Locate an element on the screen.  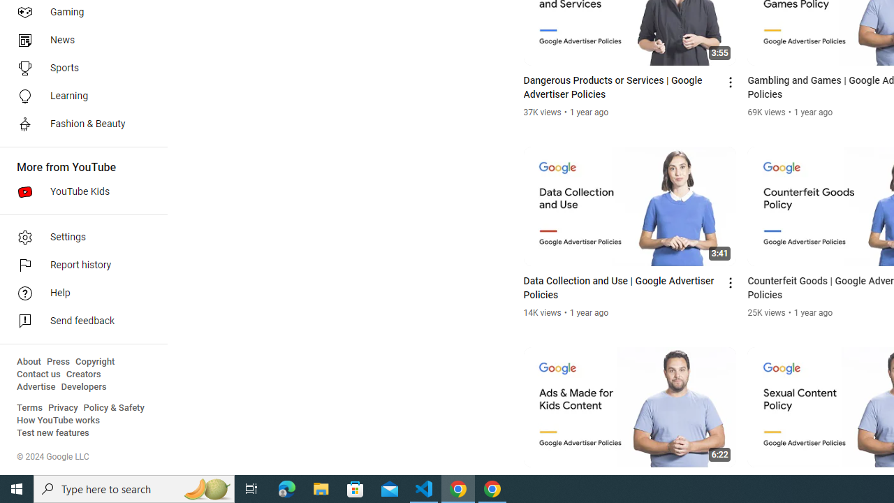
'Contact us' is located at coordinates (38, 374).